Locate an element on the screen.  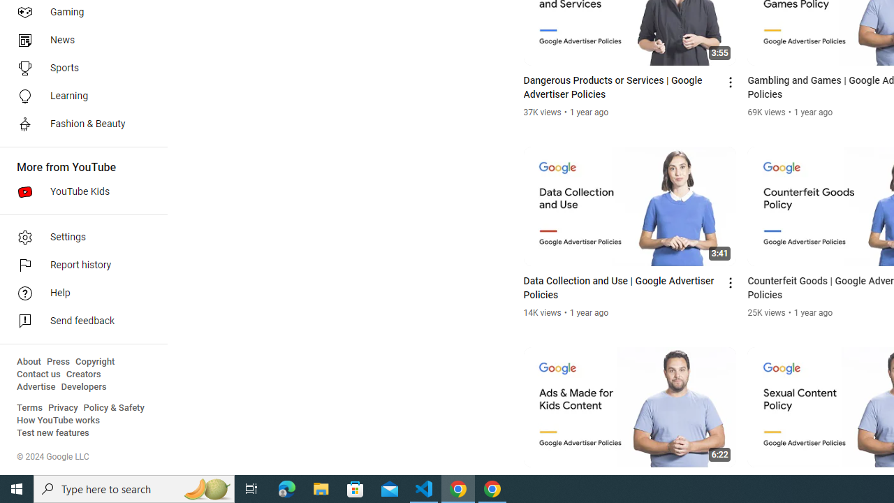
'Contact us' is located at coordinates (38, 374).